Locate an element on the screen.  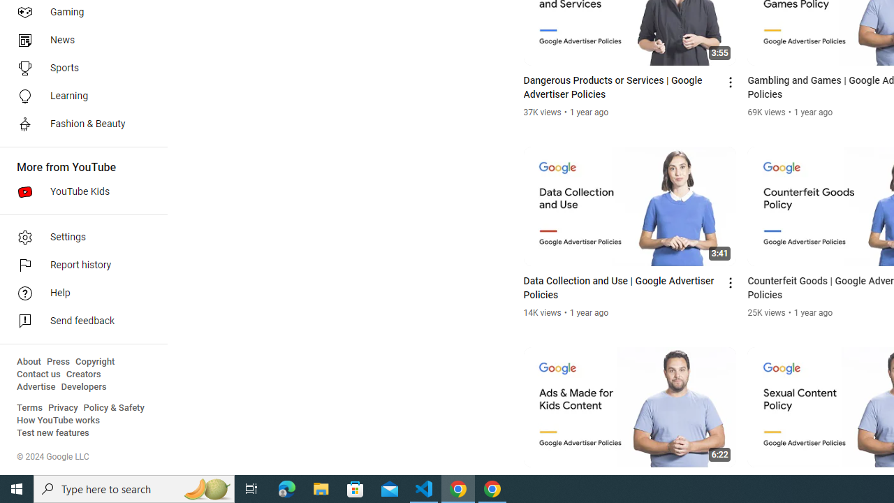
'Contact us' is located at coordinates (38, 374).